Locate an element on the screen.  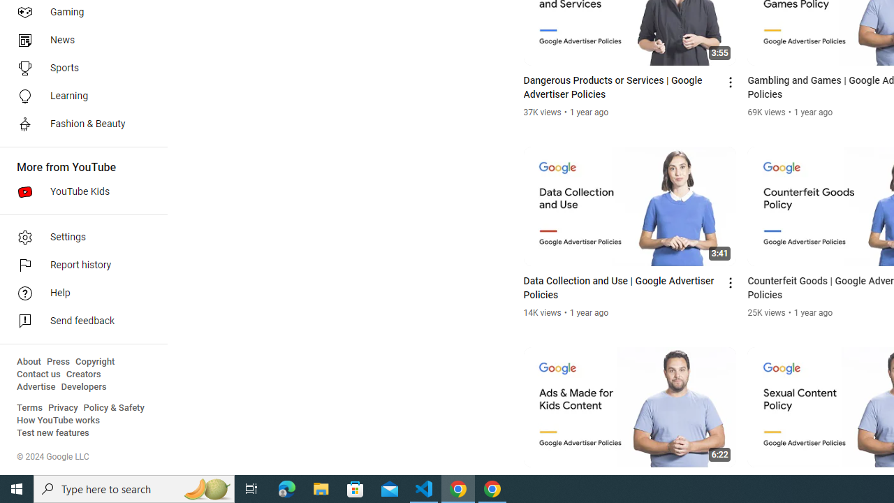
'Contact us' is located at coordinates (38, 374).